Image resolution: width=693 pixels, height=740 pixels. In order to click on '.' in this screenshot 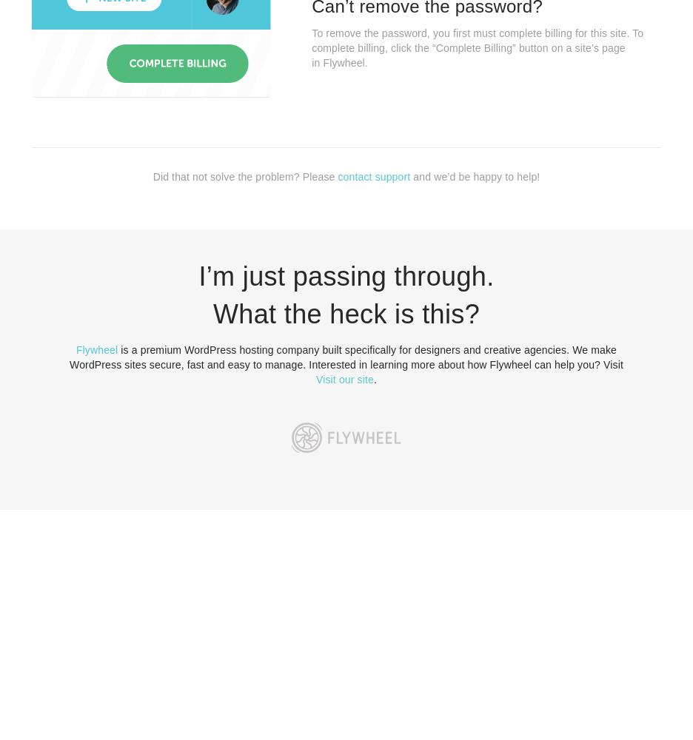, I will do `click(374, 380)`.